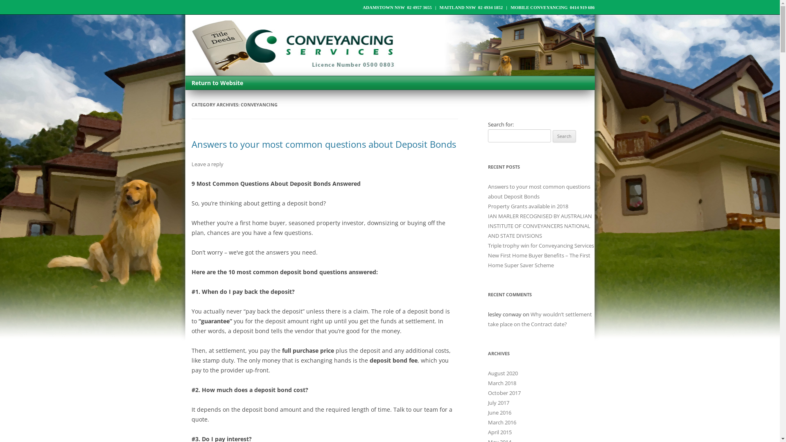  What do you see at coordinates (539, 191) in the screenshot?
I see `'Answers to your most common questions about Deposit Bonds'` at bounding box center [539, 191].